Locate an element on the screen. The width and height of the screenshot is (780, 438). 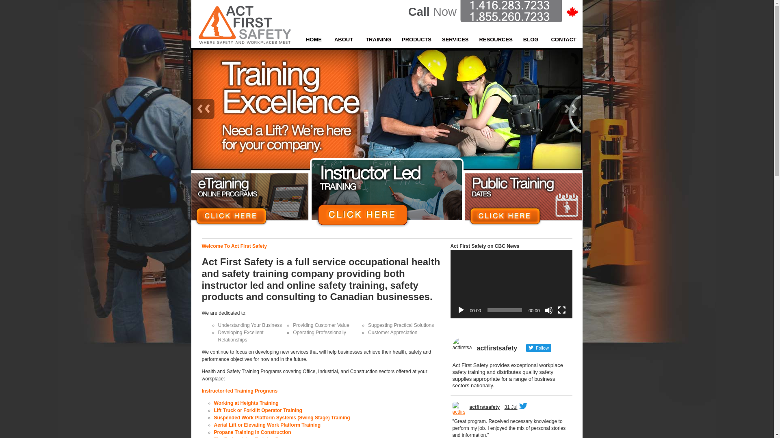
'HOME' is located at coordinates (313, 39).